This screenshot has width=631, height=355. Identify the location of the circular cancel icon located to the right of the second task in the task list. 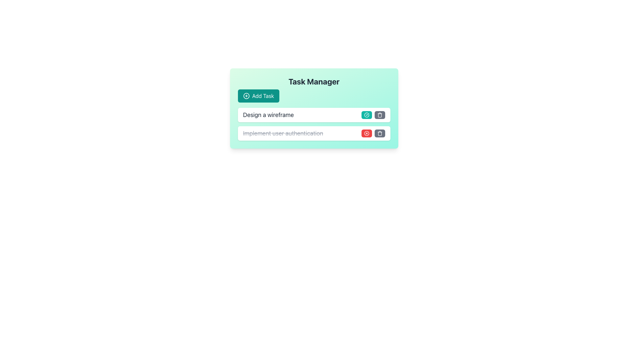
(366, 133).